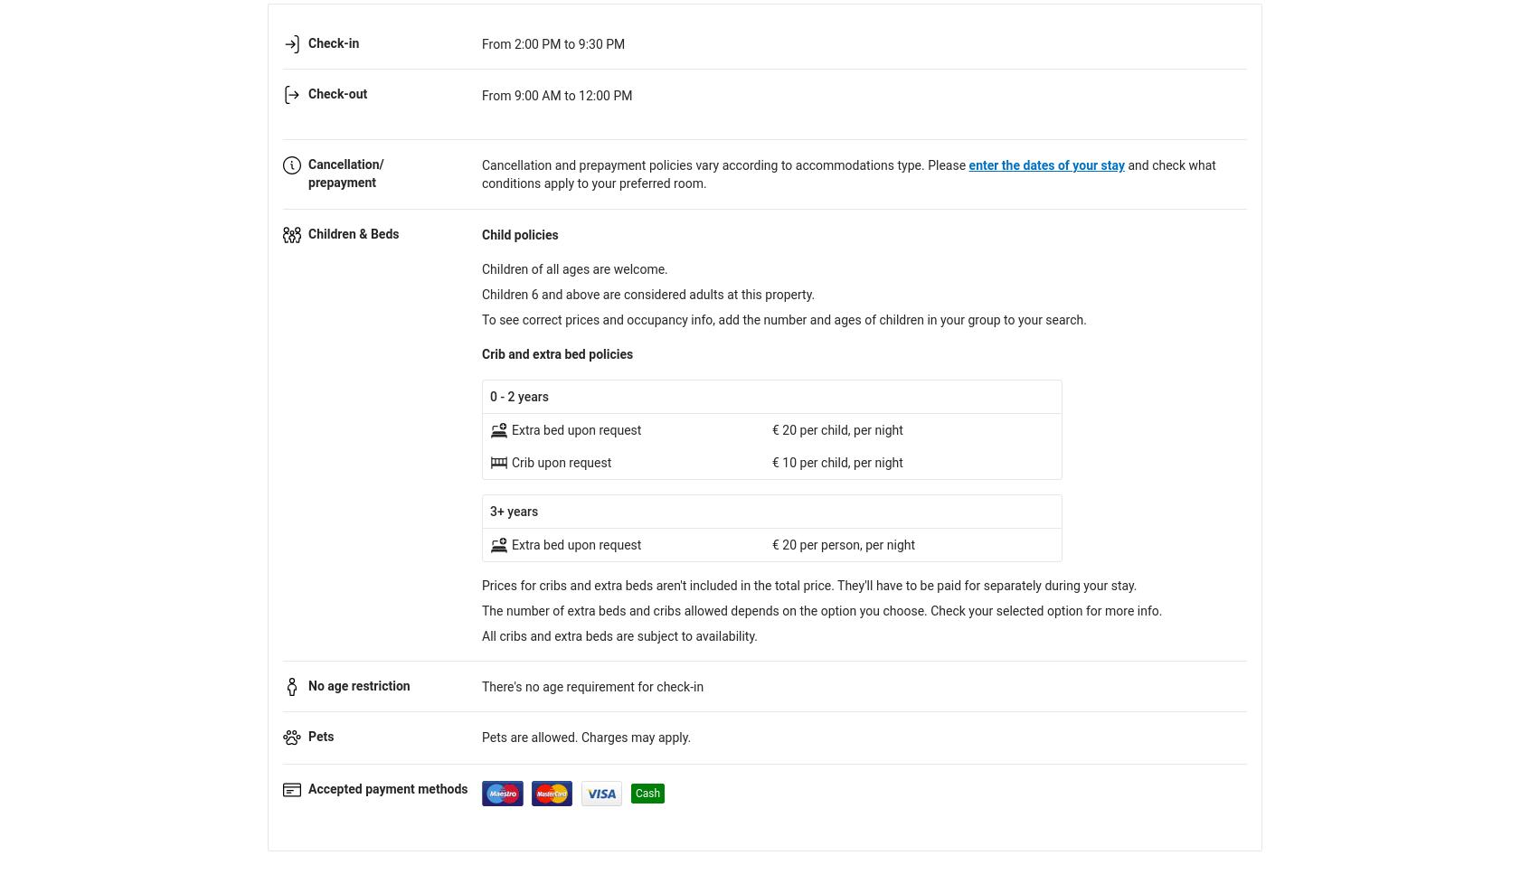 The image size is (1530, 874). I want to click on 'Children of all ages are welcome.', so click(481, 269).